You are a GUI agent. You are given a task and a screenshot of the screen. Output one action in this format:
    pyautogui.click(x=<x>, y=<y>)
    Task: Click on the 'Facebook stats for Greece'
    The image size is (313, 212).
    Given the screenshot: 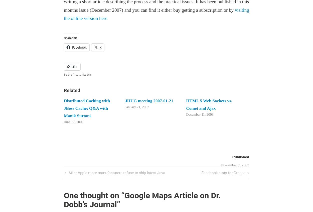 What is the action you would take?
    pyautogui.click(x=223, y=173)
    